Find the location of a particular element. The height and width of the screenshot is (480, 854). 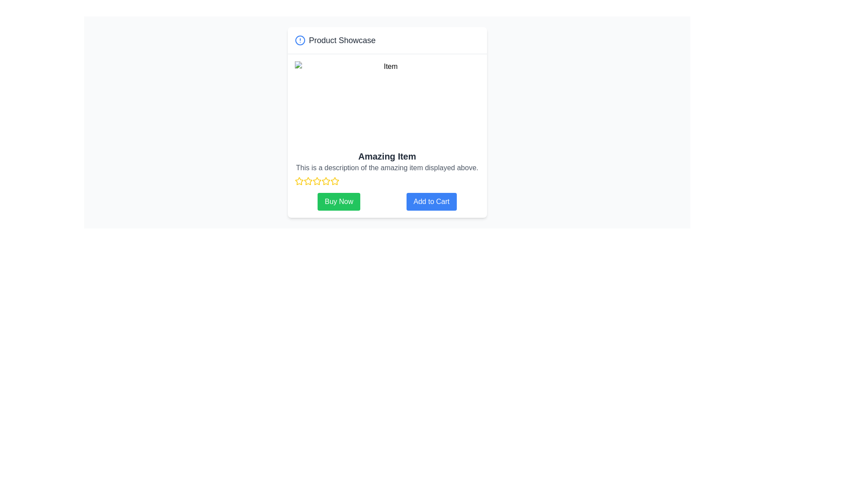

the text element that describes 'This is a description of the amazing item displayed above', which is located below the heading 'Amazing Item' is located at coordinates (387, 168).